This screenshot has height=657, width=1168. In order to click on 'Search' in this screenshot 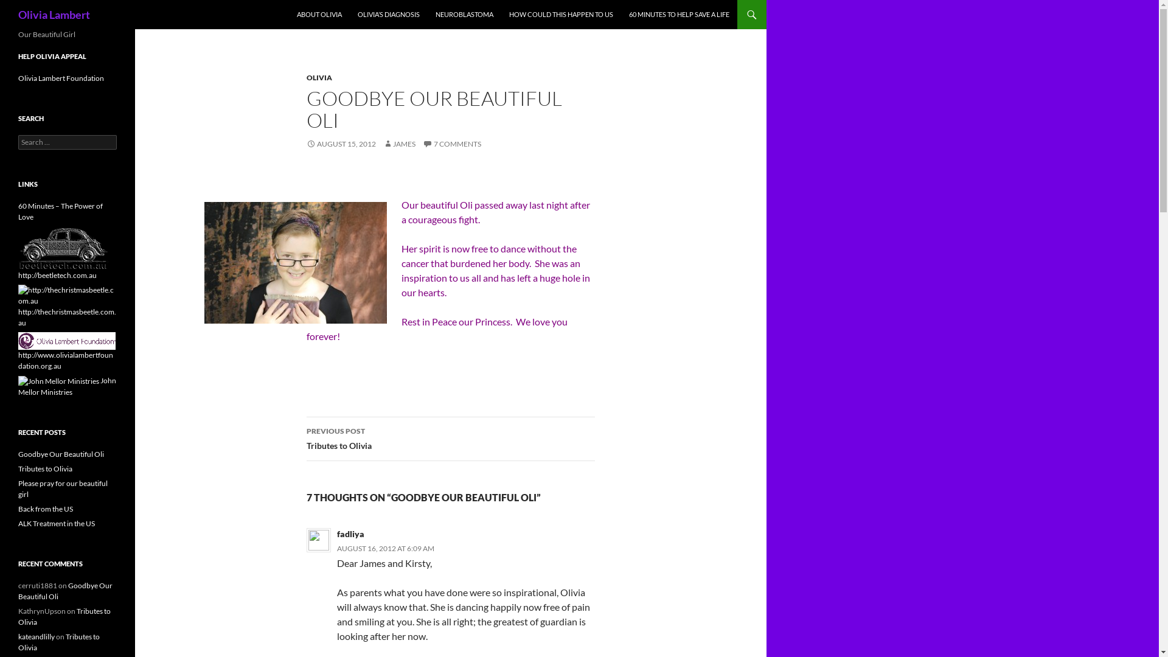, I will do `click(3, 0)`.